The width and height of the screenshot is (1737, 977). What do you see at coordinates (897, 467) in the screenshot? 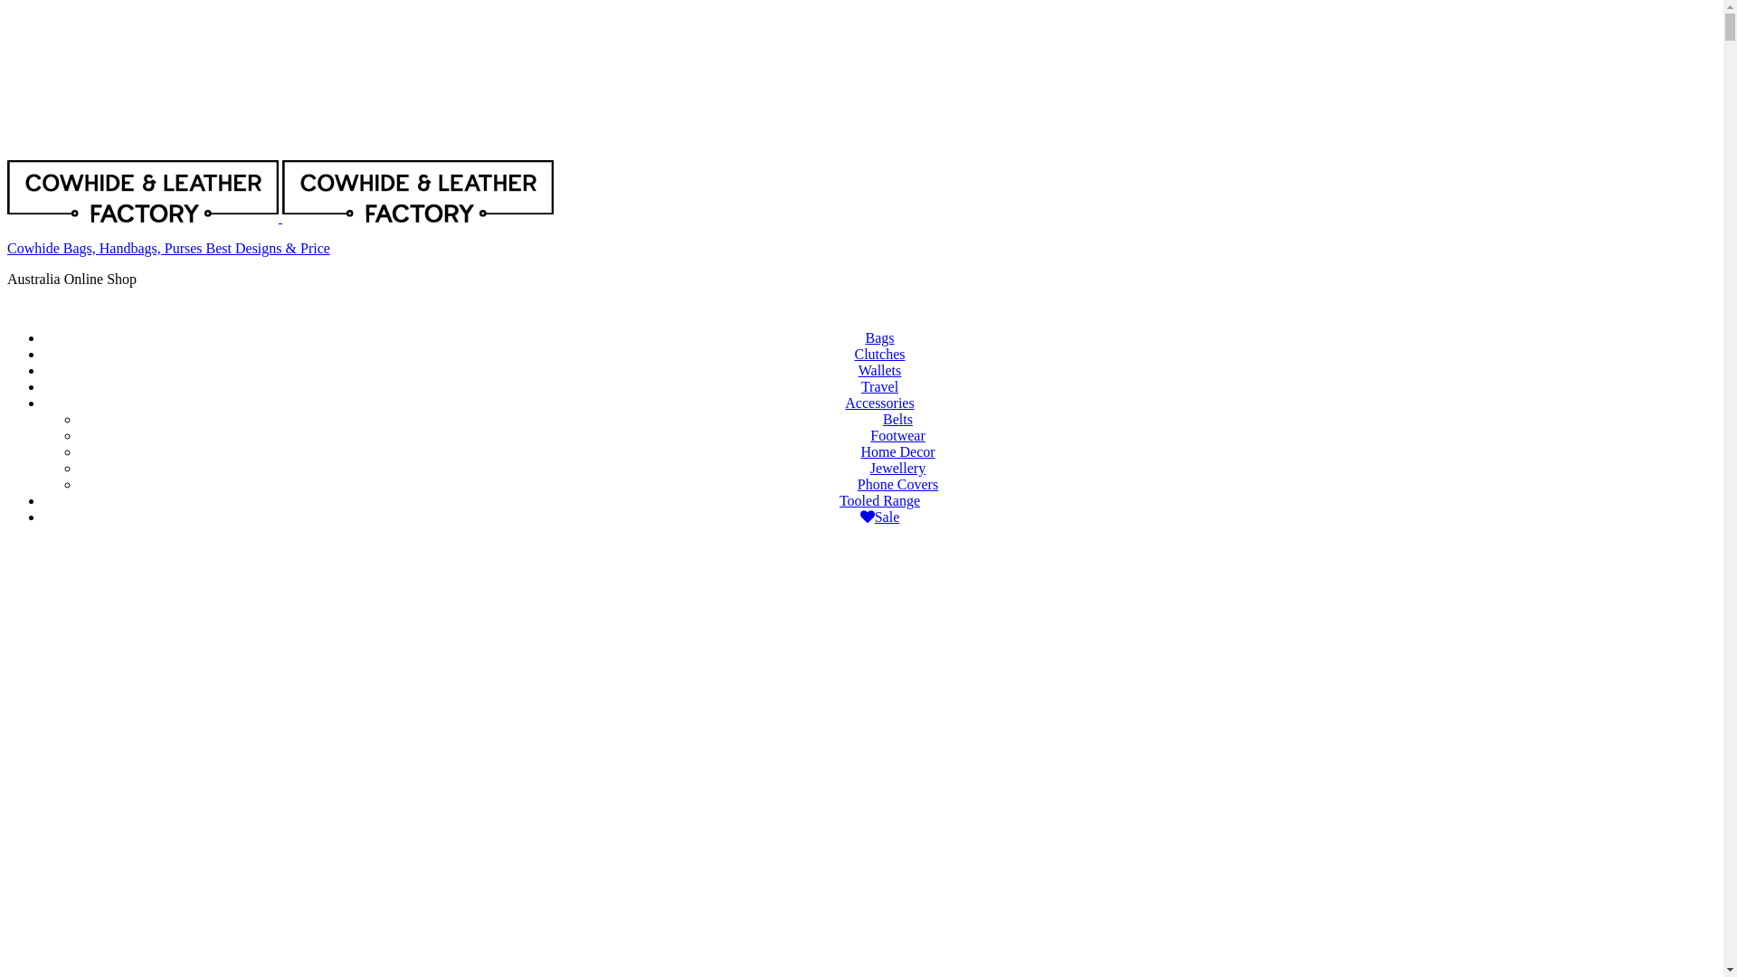
I see `'Jewellery'` at bounding box center [897, 467].